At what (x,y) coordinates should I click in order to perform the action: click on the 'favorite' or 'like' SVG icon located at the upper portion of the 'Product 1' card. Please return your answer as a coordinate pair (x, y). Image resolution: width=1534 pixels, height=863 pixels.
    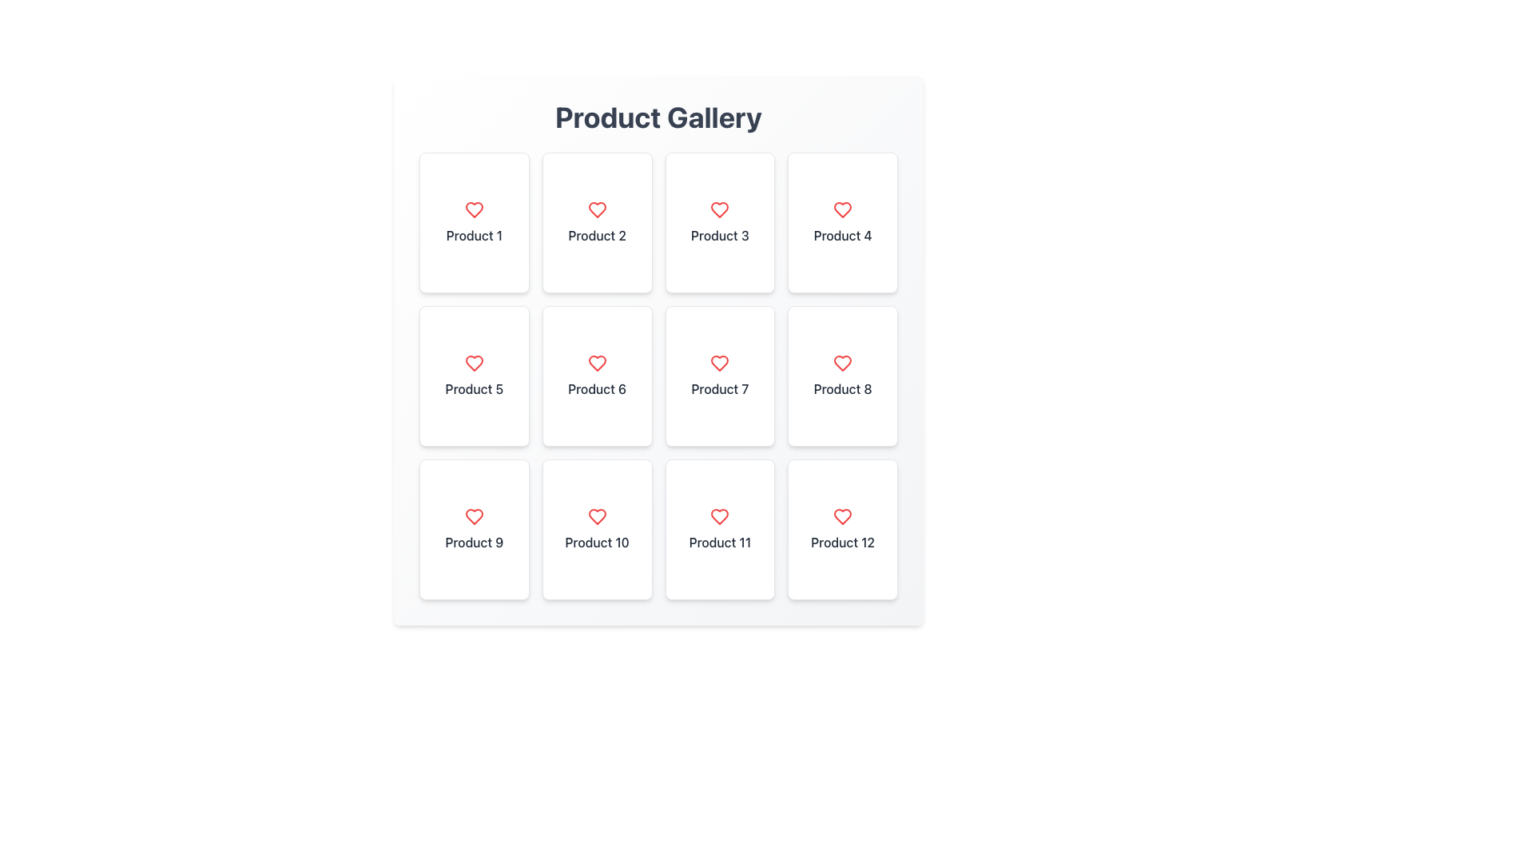
    Looking at the image, I should click on (473, 209).